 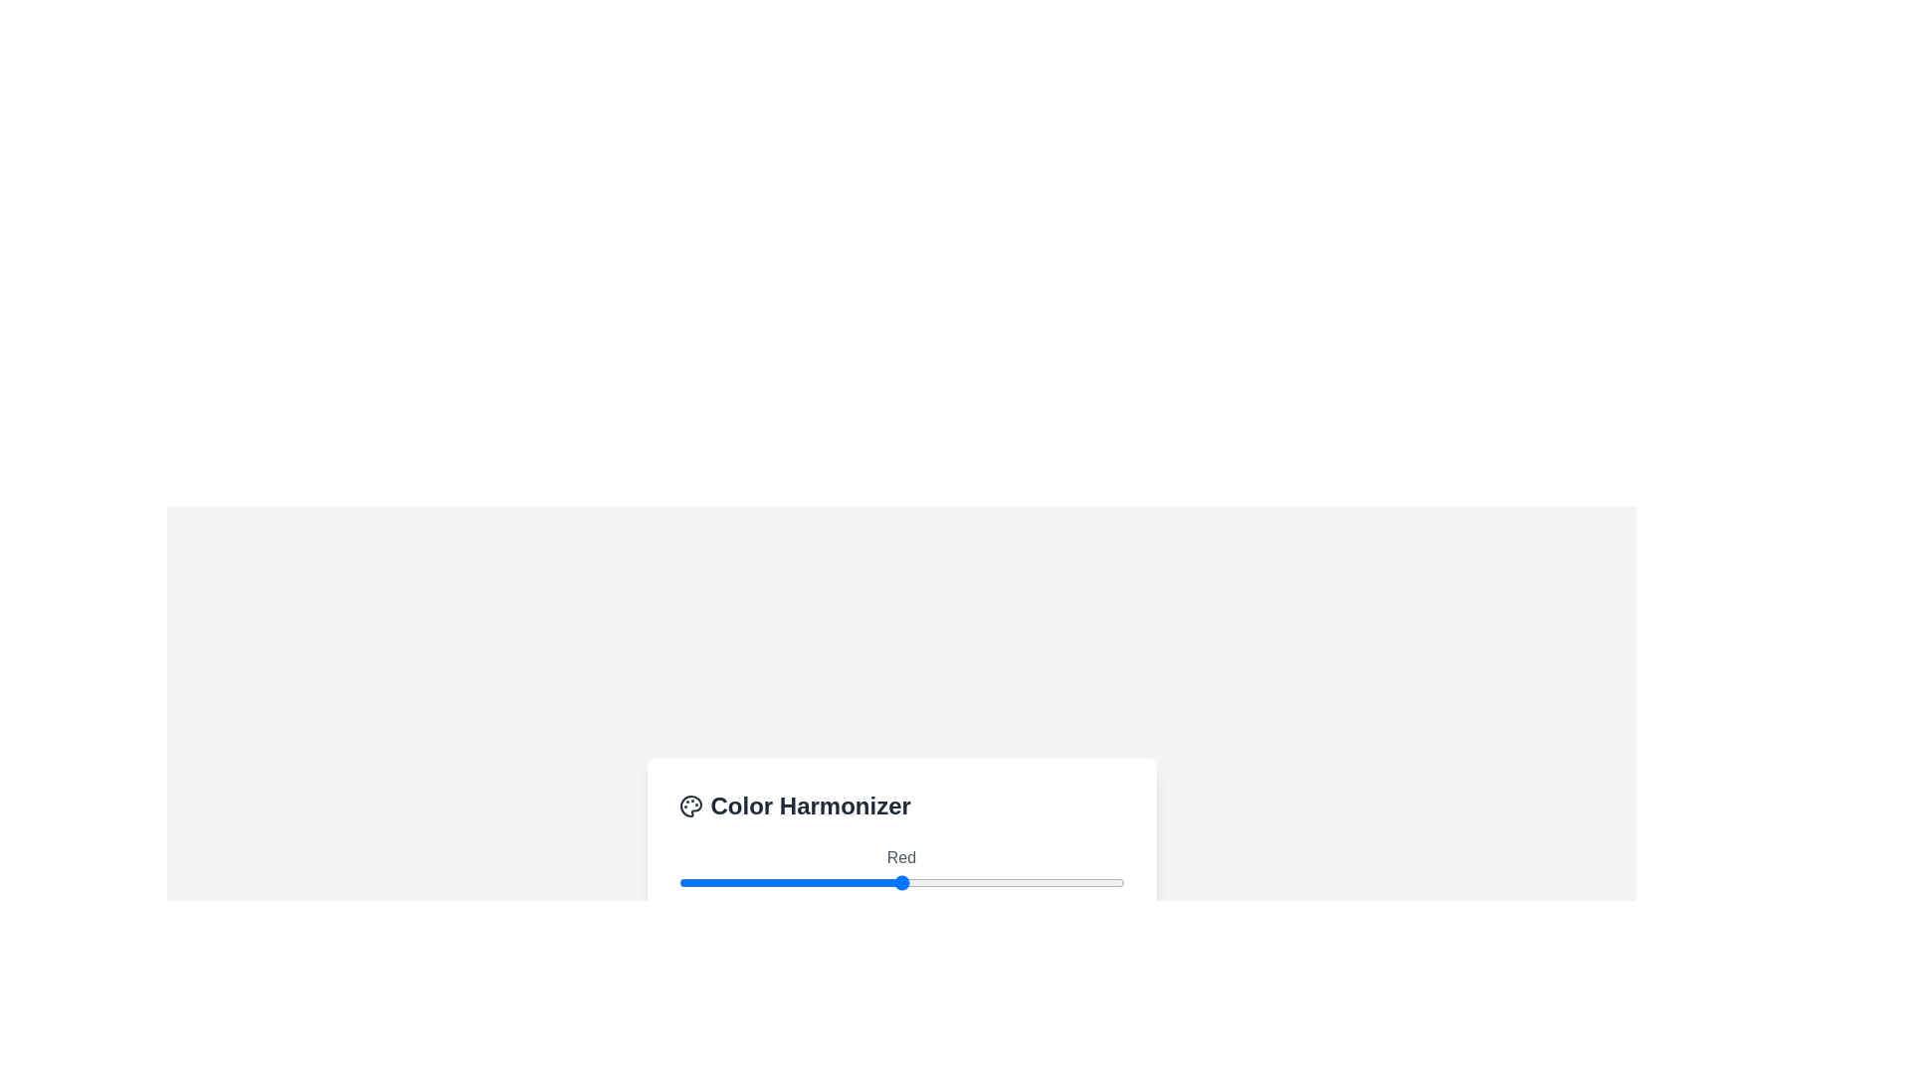 I want to click on the red slider to set its value to 108, so click(x=867, y=881).